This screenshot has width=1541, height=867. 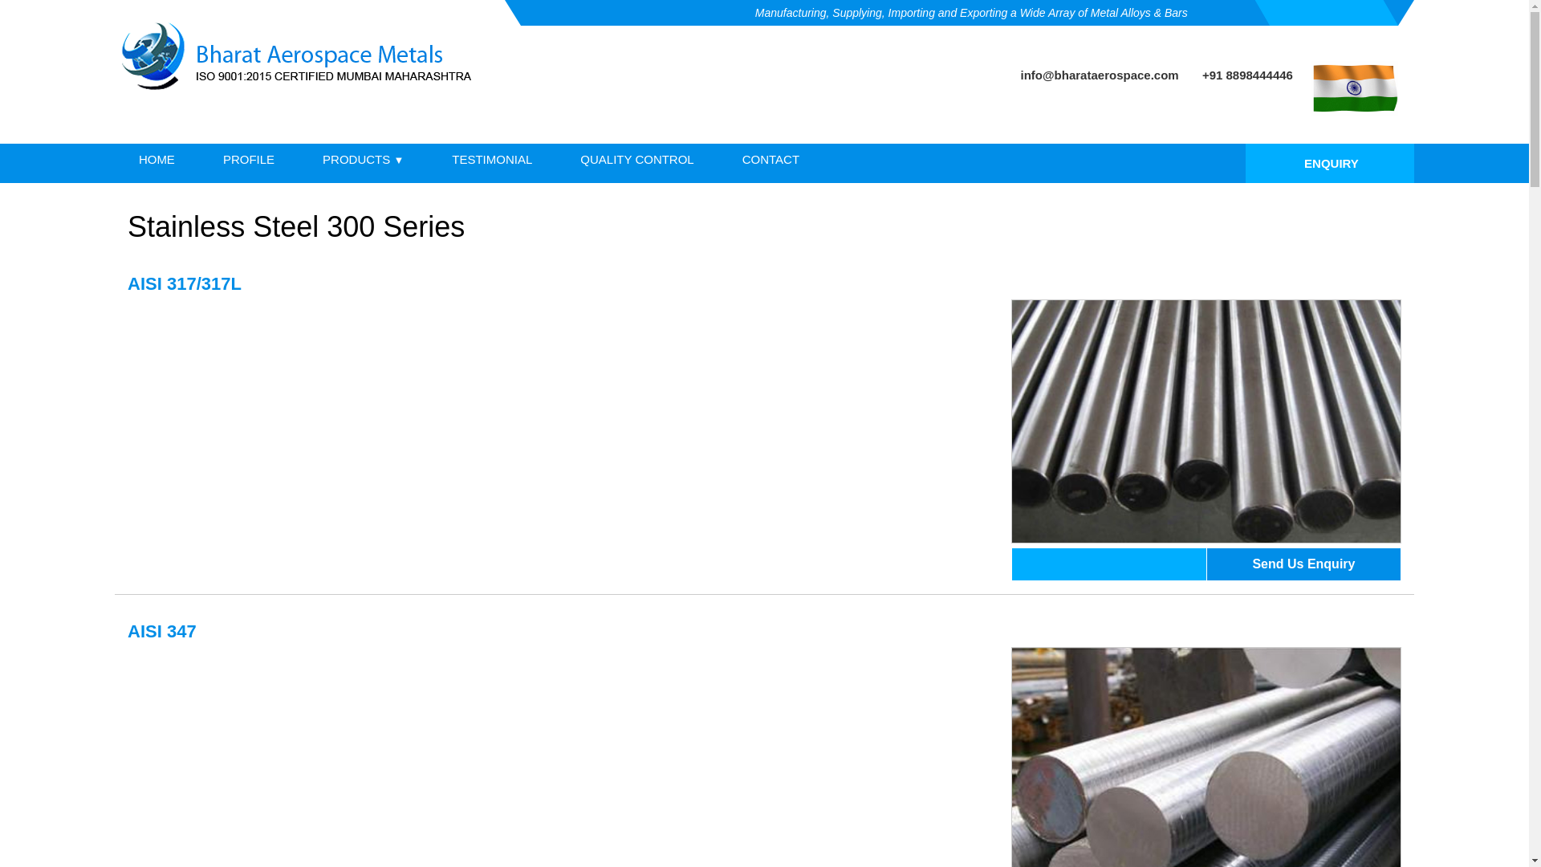 What do you see at coordinates (1099, 75) in the screenshot?
I see `'info@bharataerospace.com'` at bounding box center [1099, 75].